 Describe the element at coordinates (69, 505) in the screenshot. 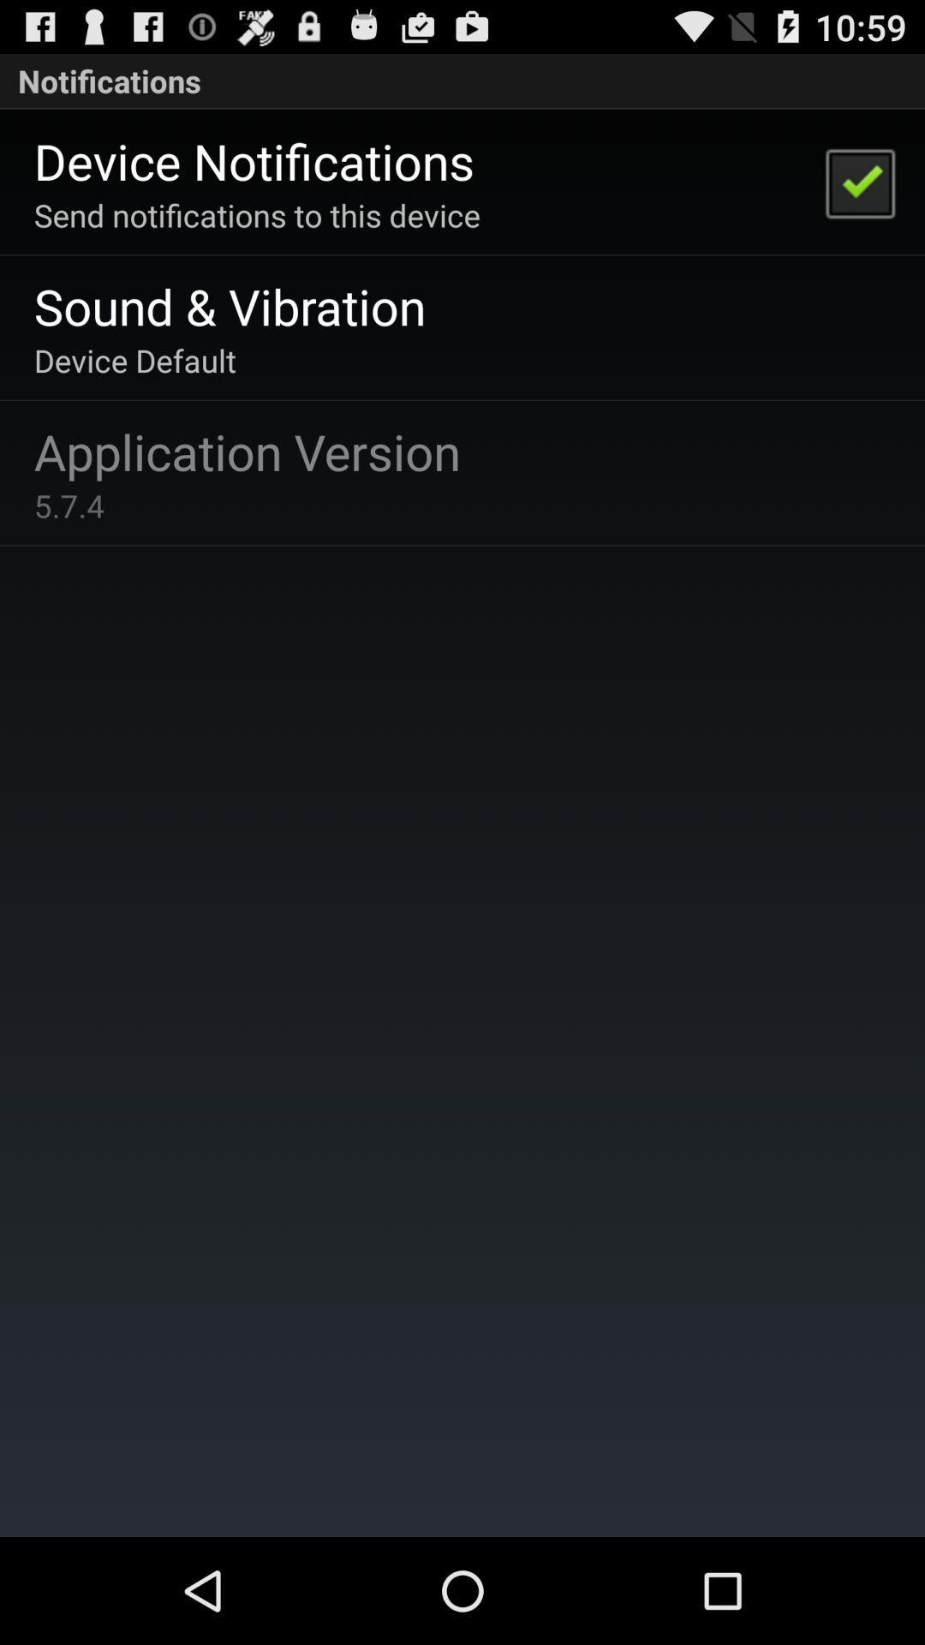

I see `the app below application version app` at that location.